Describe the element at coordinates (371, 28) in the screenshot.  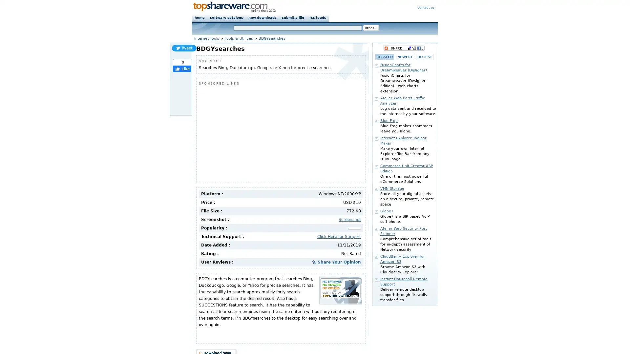
I see `Search` at that location.